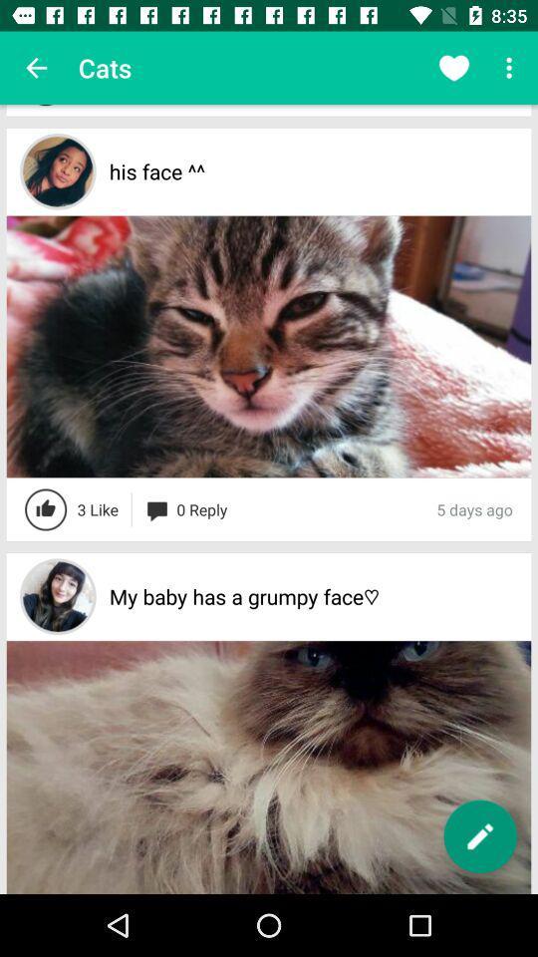  Describe the element at coordinates (479, 836) in the screenshot. I see `the edit icon` at that location.